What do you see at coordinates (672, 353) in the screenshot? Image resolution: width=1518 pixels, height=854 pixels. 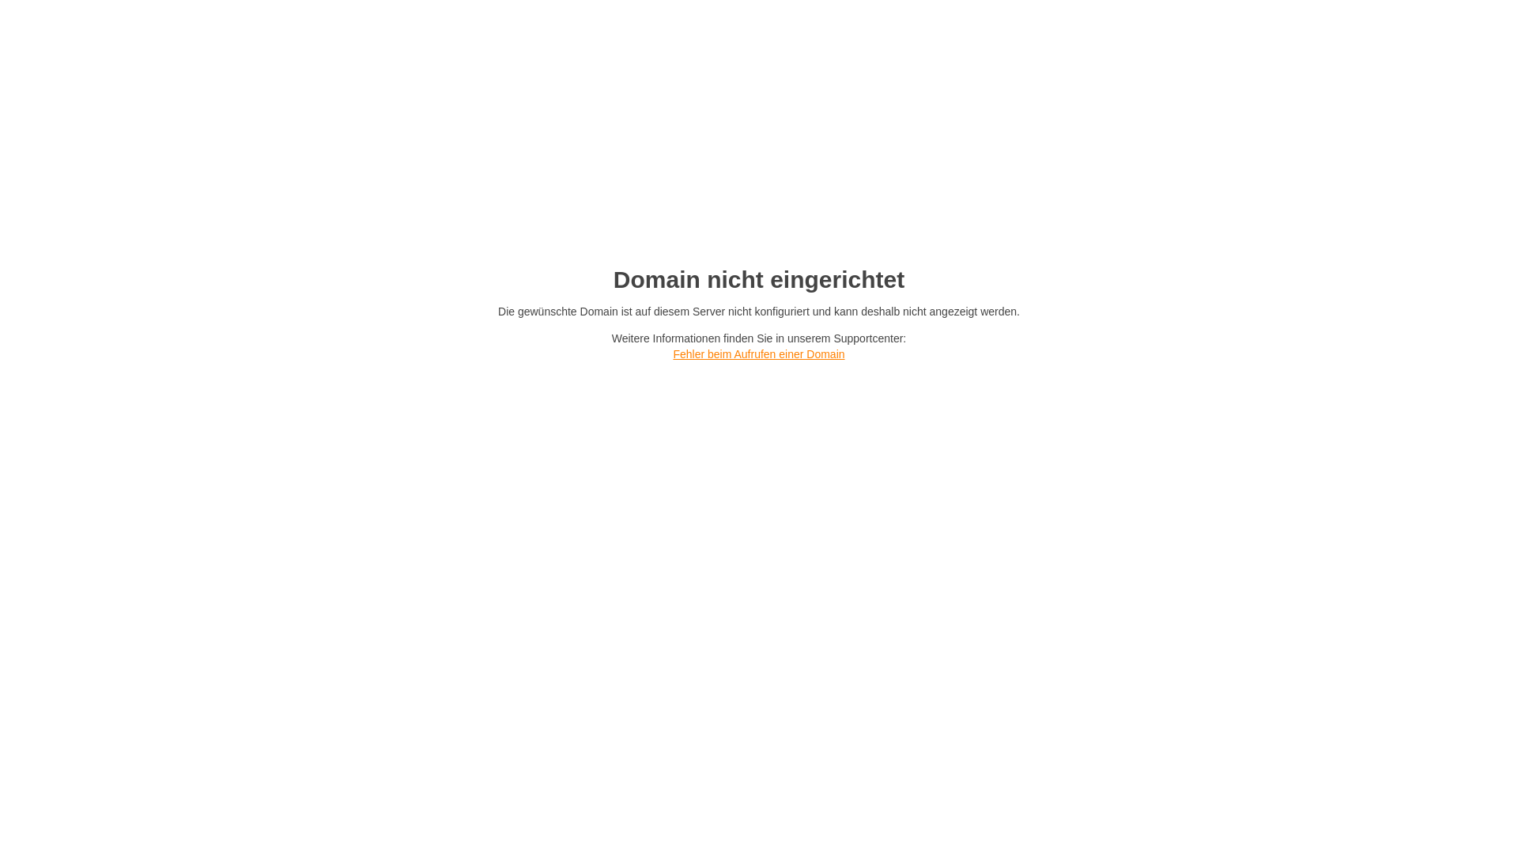 I see `'Fehler beim Aufrufen einer Domain'` at bounding box center [672, 353].